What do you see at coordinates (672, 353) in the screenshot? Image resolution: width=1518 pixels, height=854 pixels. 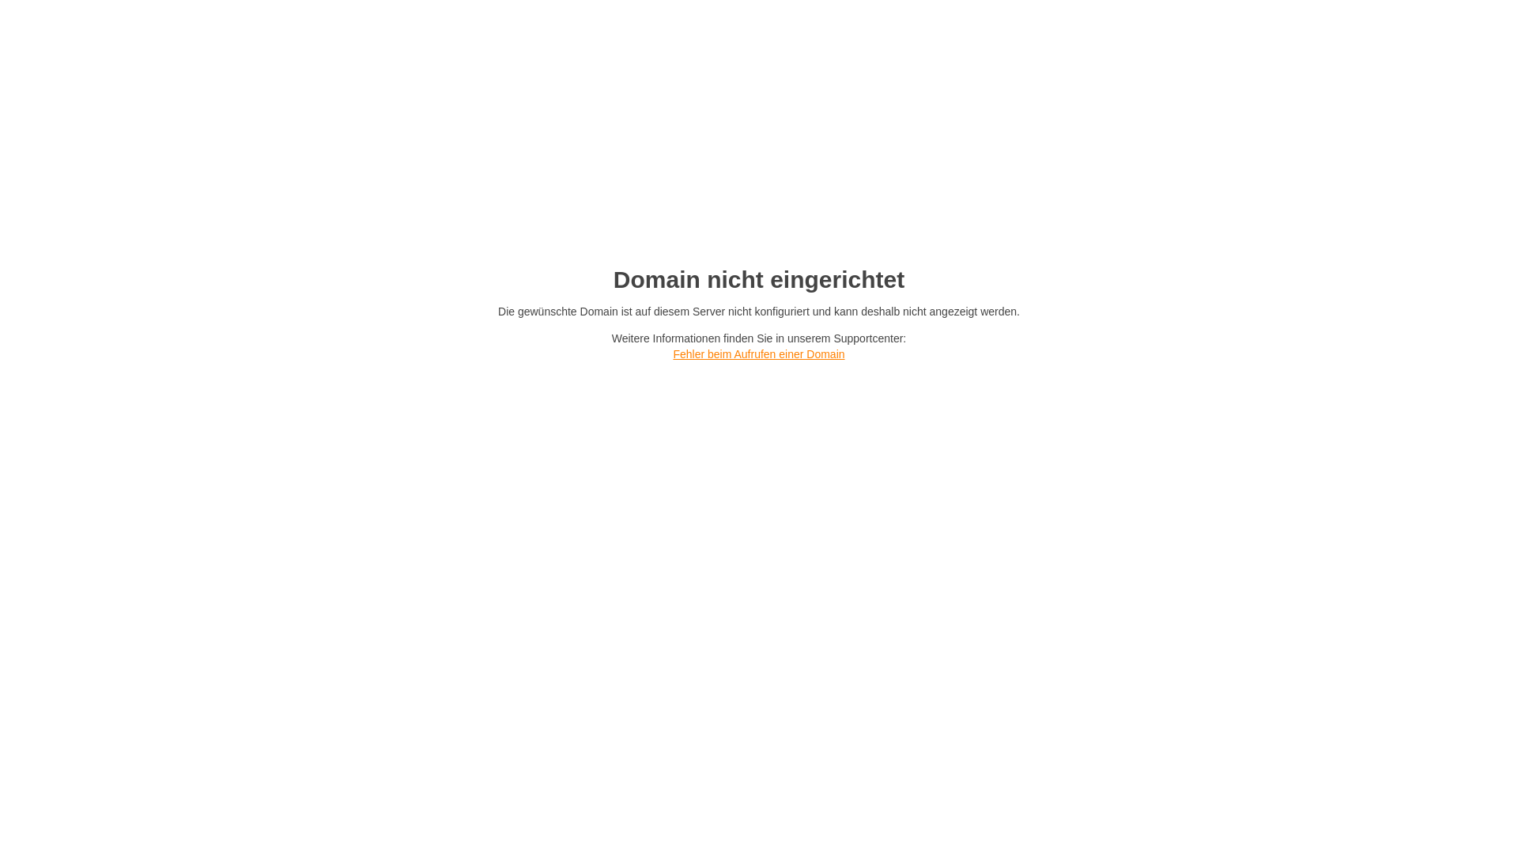 I see `'Fehler beim Aufrufen einer Domain'` at bounding box center [672, 353].